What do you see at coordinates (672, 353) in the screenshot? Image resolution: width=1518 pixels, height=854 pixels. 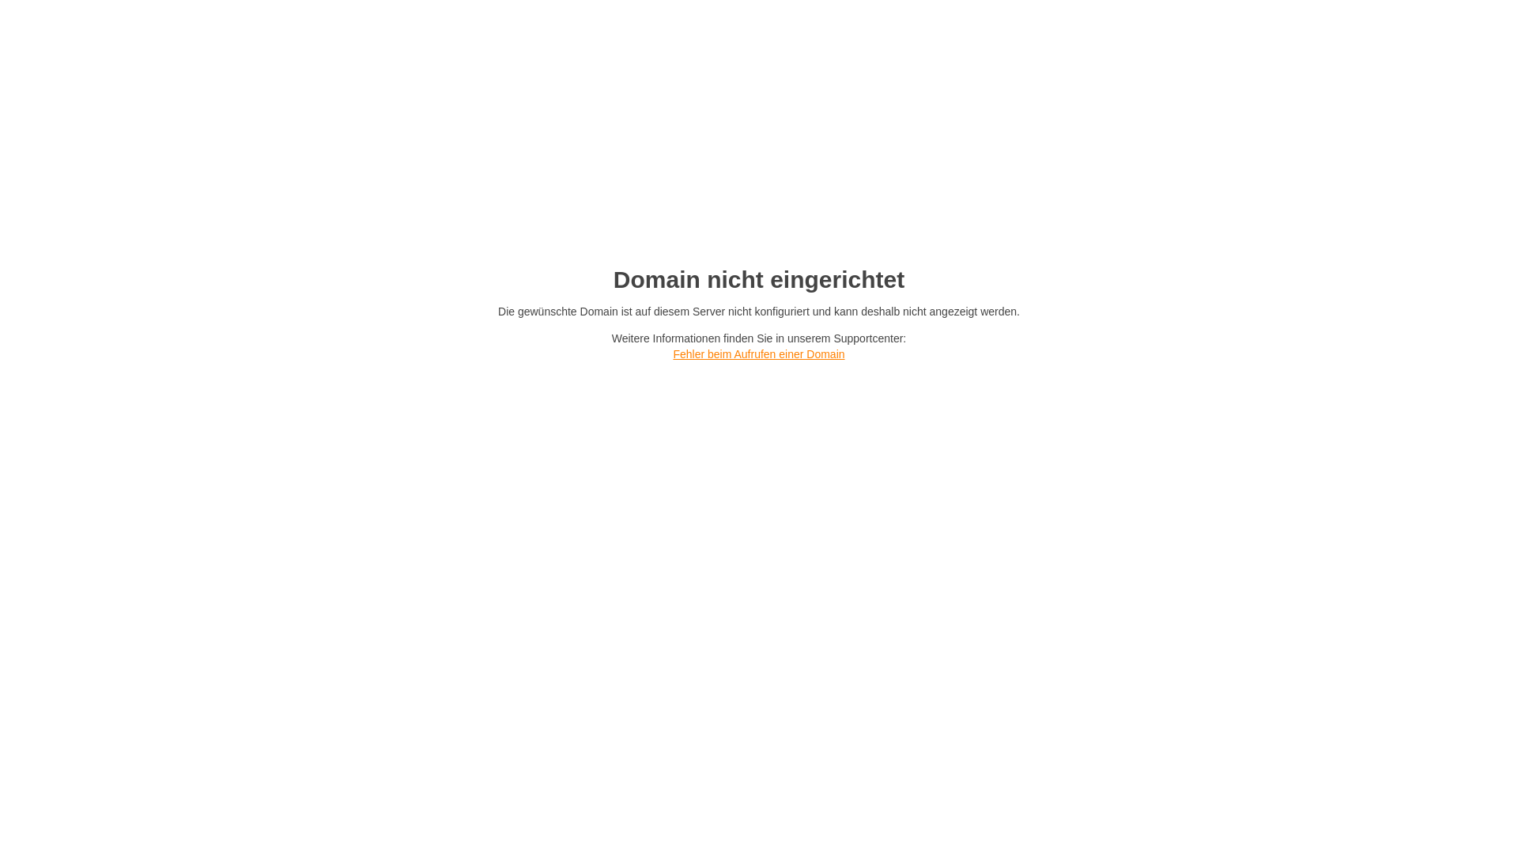 I see `'Fehler beim Aufrufen einer Domain'` at bounding box center [672, 353].